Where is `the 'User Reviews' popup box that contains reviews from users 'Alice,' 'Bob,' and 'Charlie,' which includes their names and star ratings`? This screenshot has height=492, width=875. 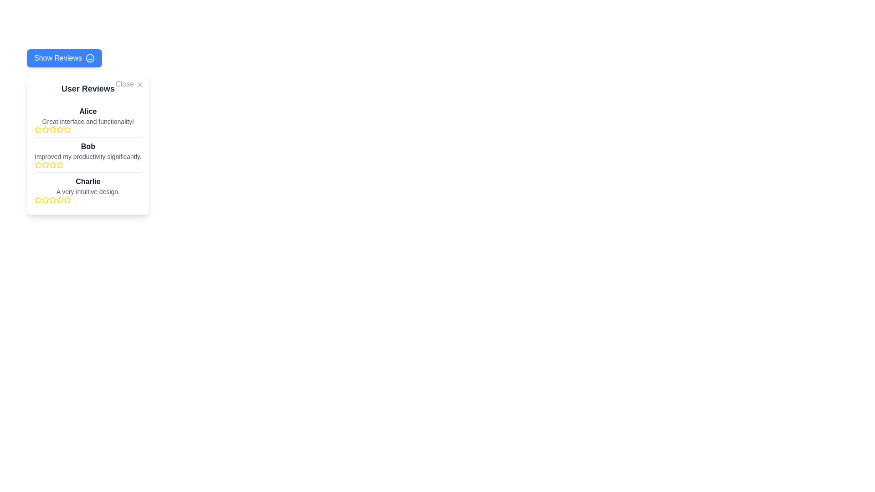 the 'User Reviews' popup box that contains reviews from users 'Alice,' 'Bob,' and 'Charlie,' which includes their names and star ratings is located at coordinates (88, 144).